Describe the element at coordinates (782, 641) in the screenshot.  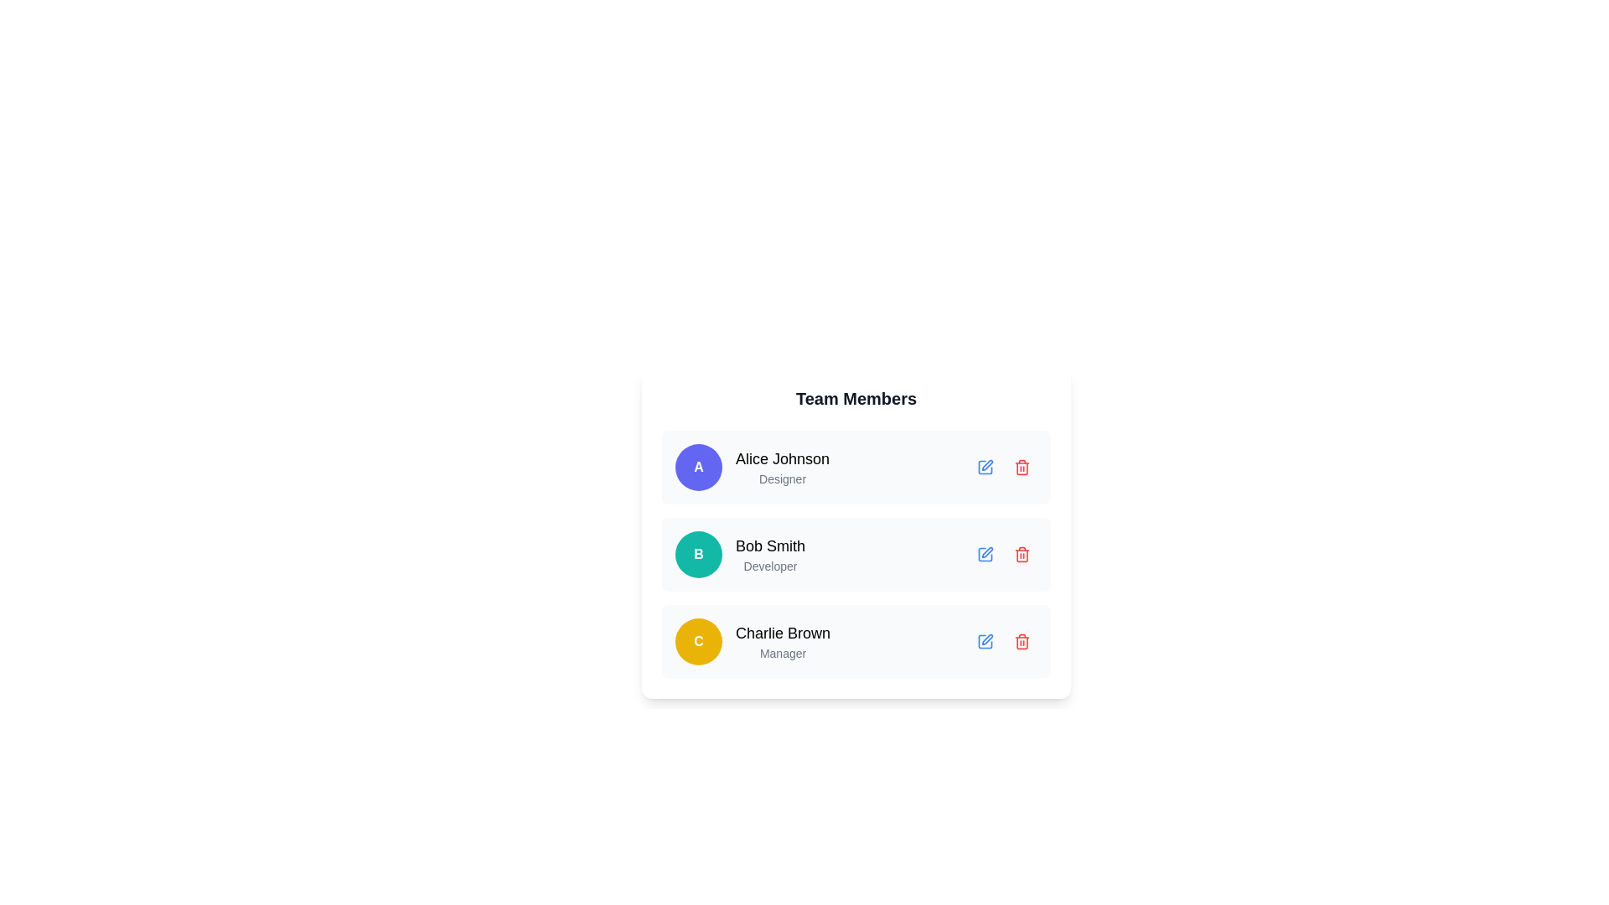
I see `the third team member's name and role displayed in the lower section of the interface, which is a non-interactive text block` at that location.